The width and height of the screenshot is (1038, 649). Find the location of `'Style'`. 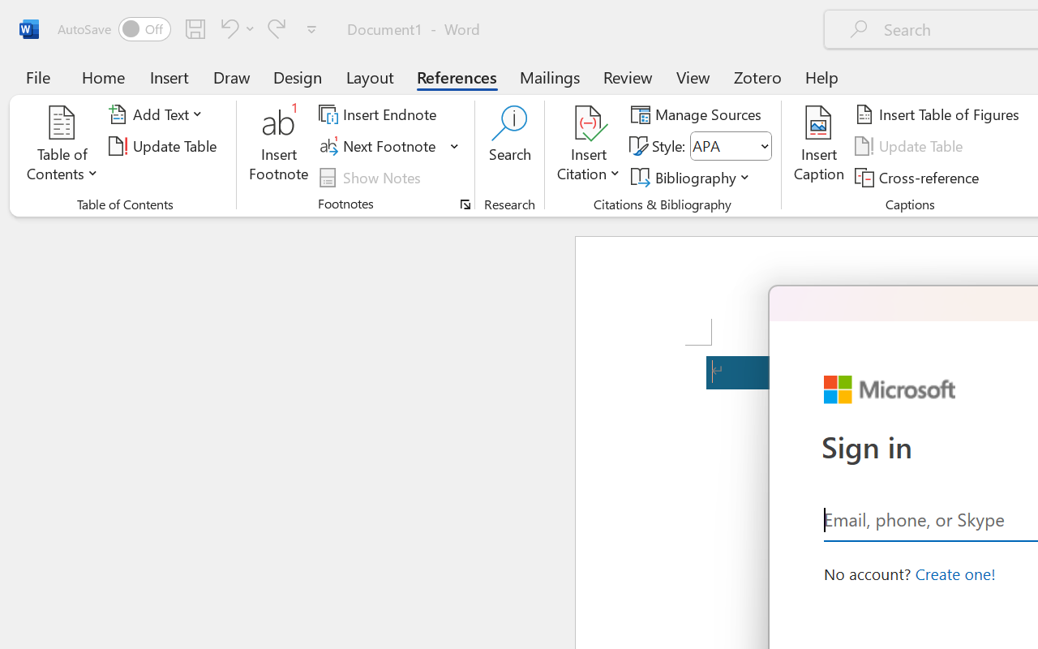

'Style' is located at coordinates (723, 144).